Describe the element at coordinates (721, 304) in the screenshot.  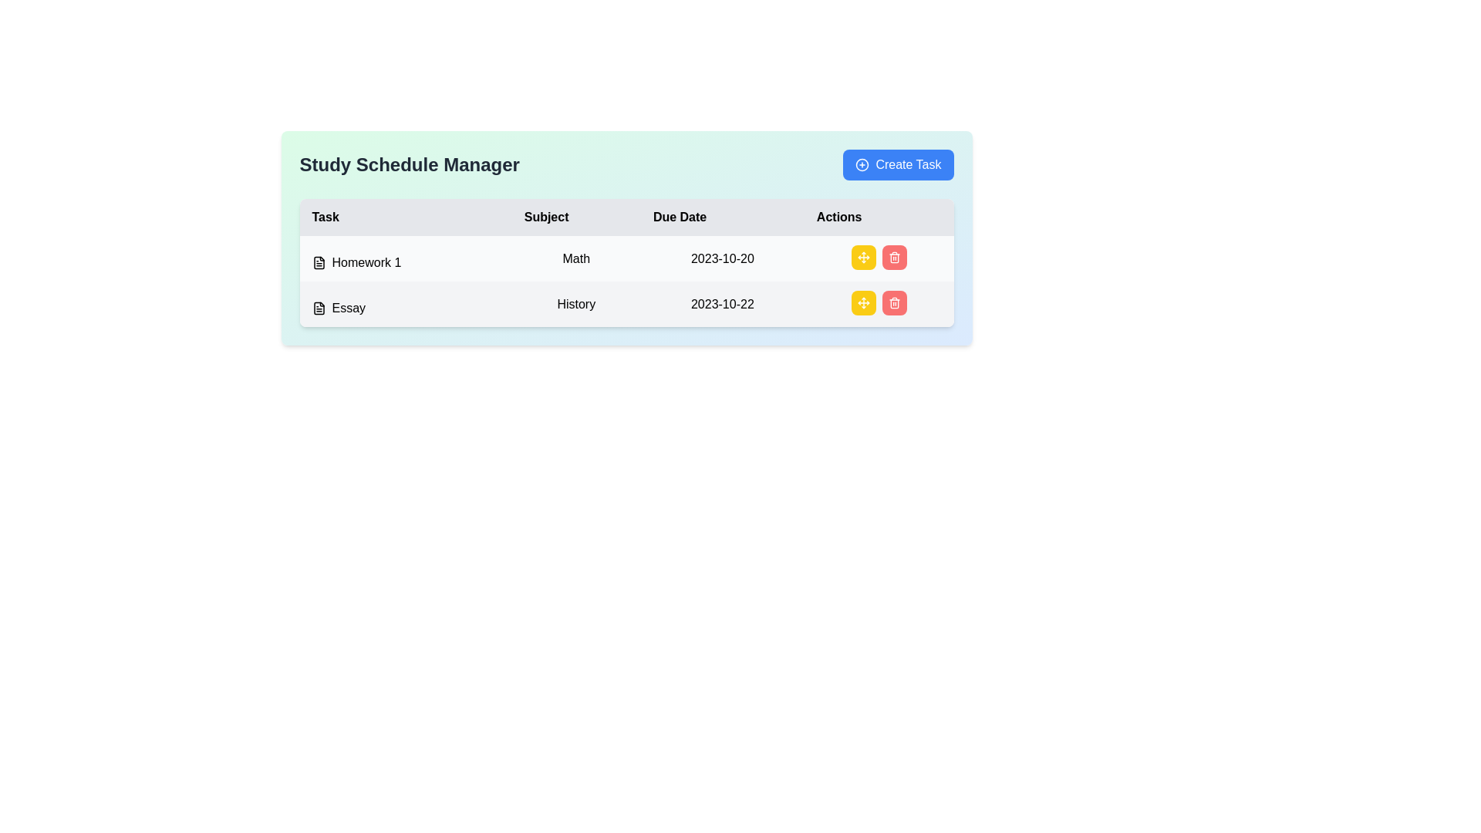
I see `date displayed in the Text label indicating the due date for the task 'History', located in the 'Due Date' column of the table` at that location.